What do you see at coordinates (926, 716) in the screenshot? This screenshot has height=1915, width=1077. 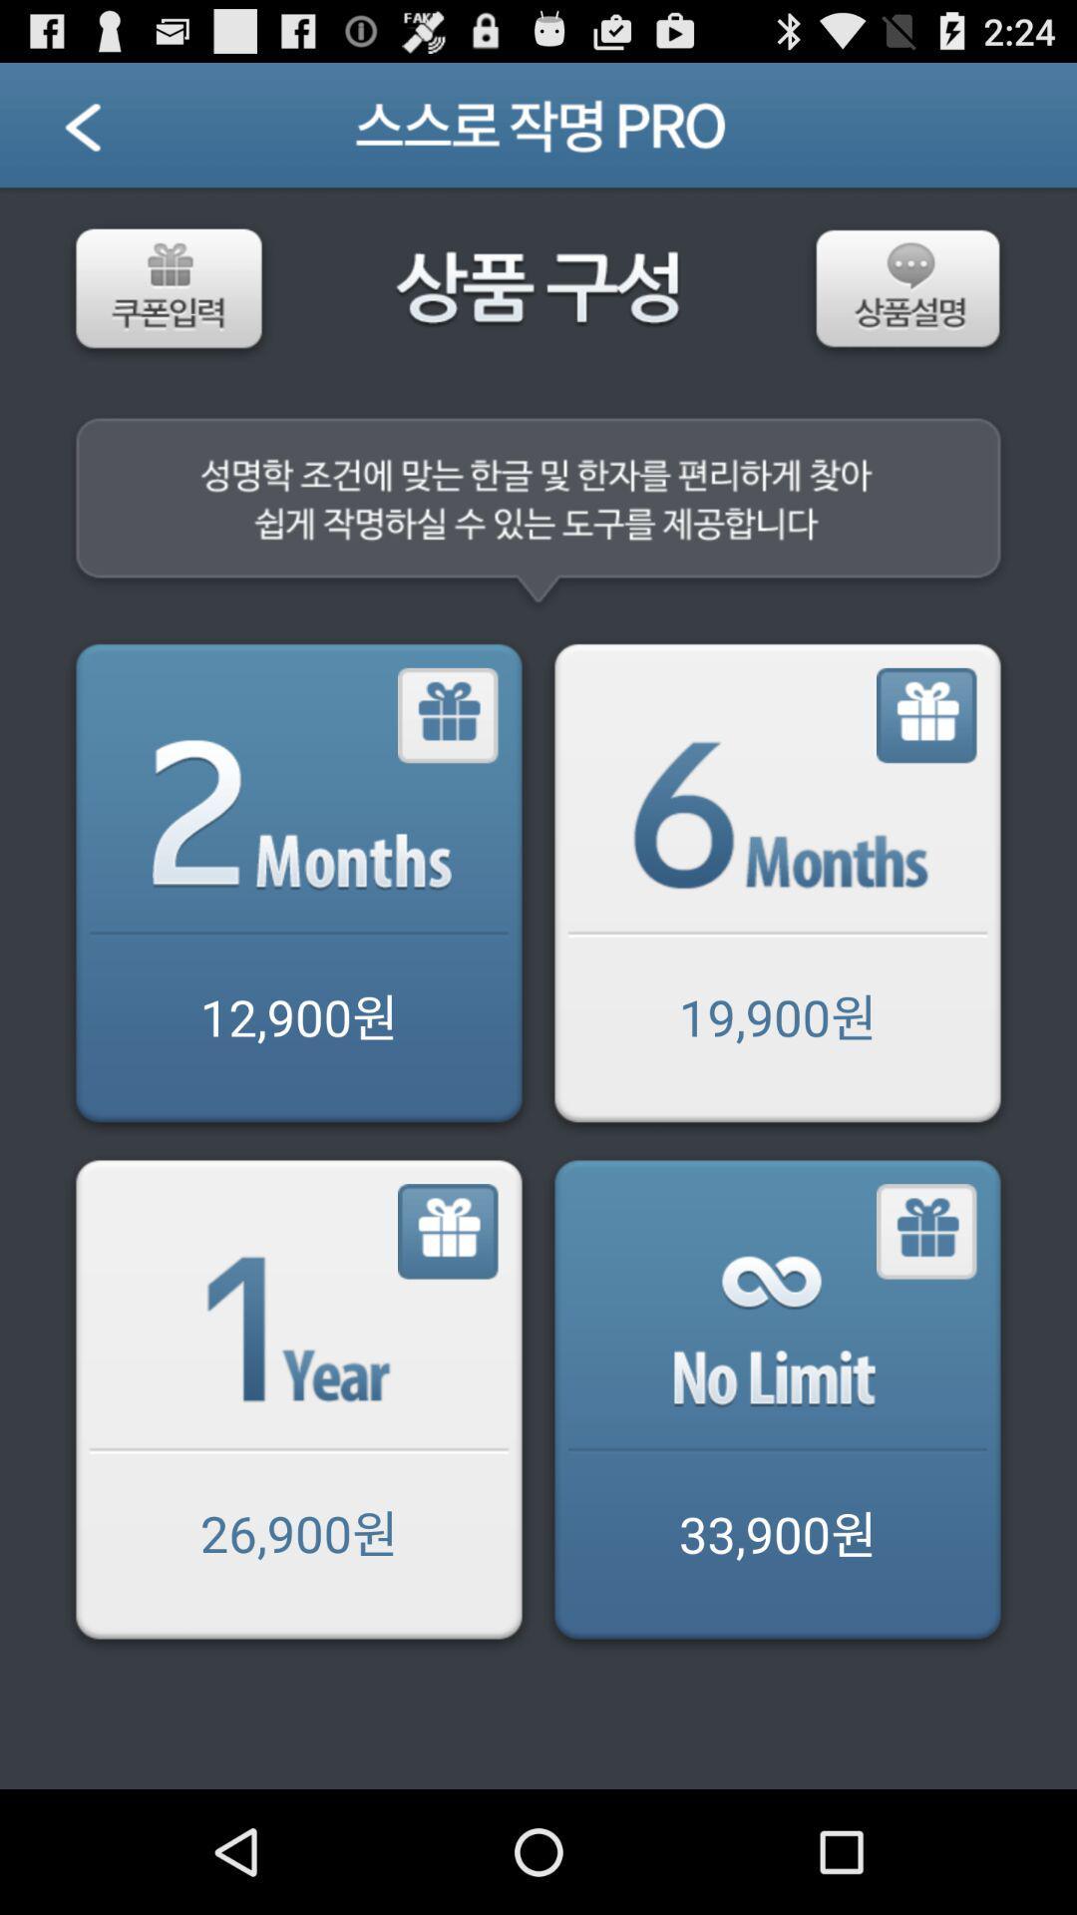 I see `months` at bounding box center [926, 716].